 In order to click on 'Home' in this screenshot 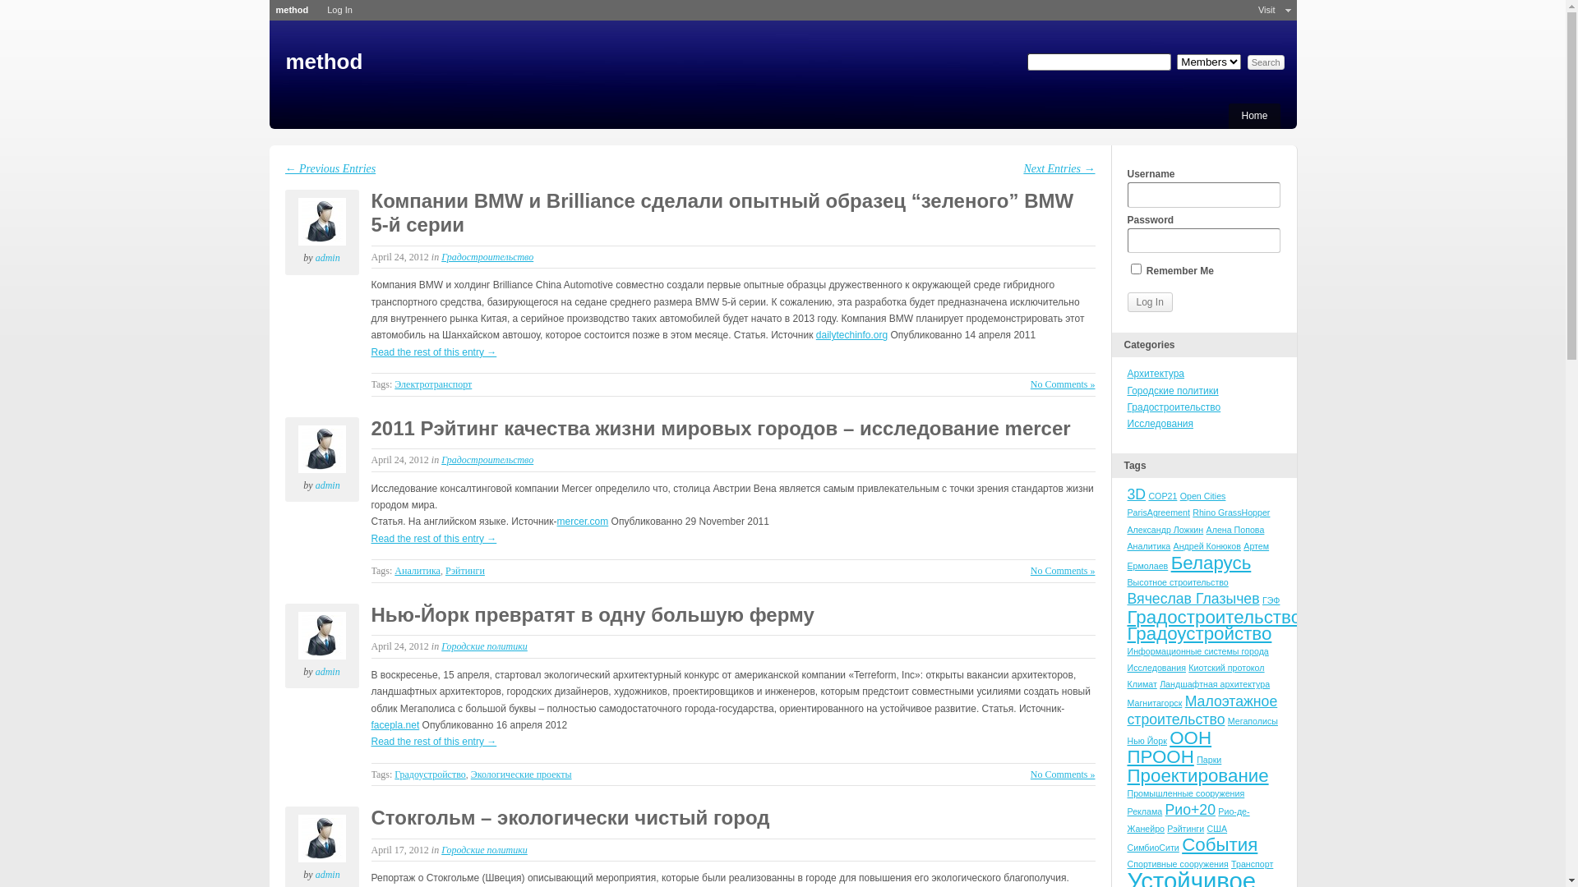, I will do `click(1253, 115)`.